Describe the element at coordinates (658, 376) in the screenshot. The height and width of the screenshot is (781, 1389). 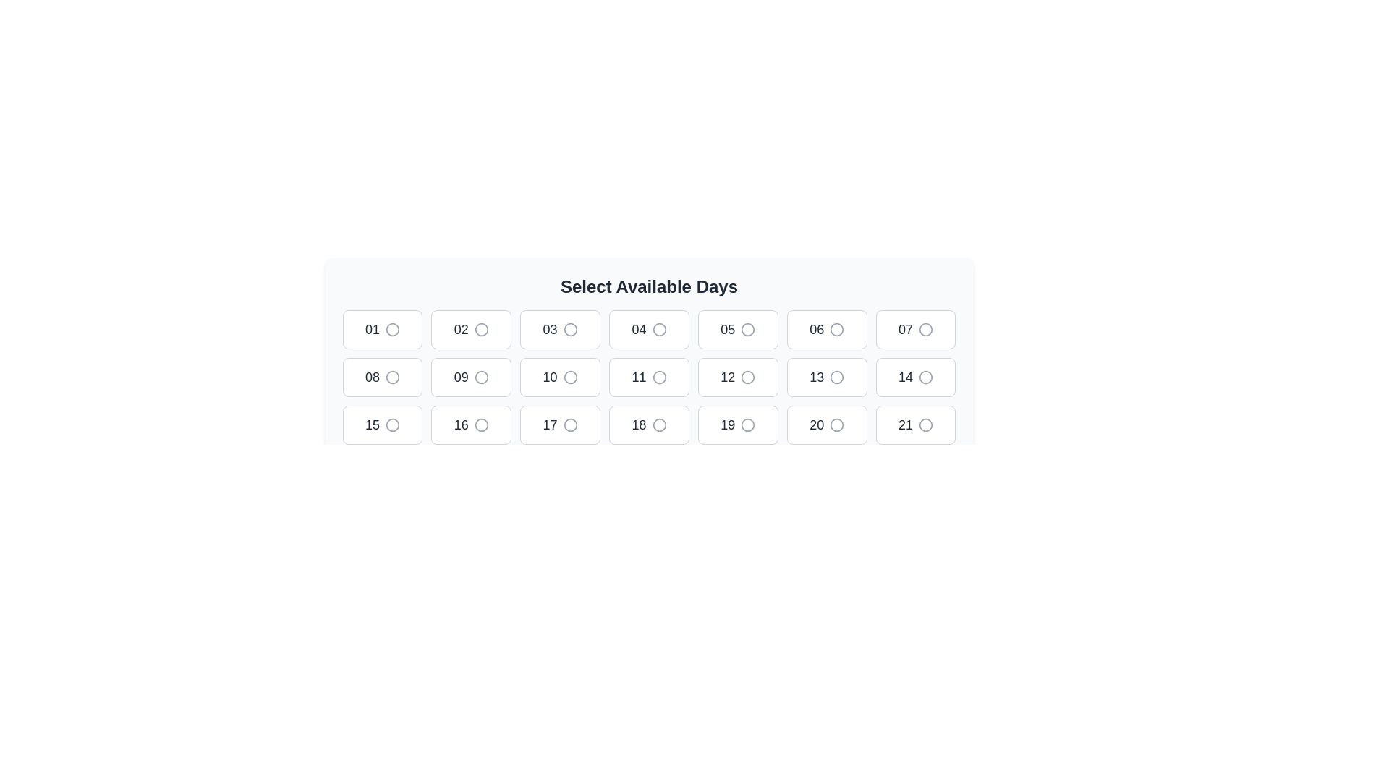
I see `the radio button representing the number '11' located in the second row and fifth column of the grid layout under 'Select Available Days'` at that location.